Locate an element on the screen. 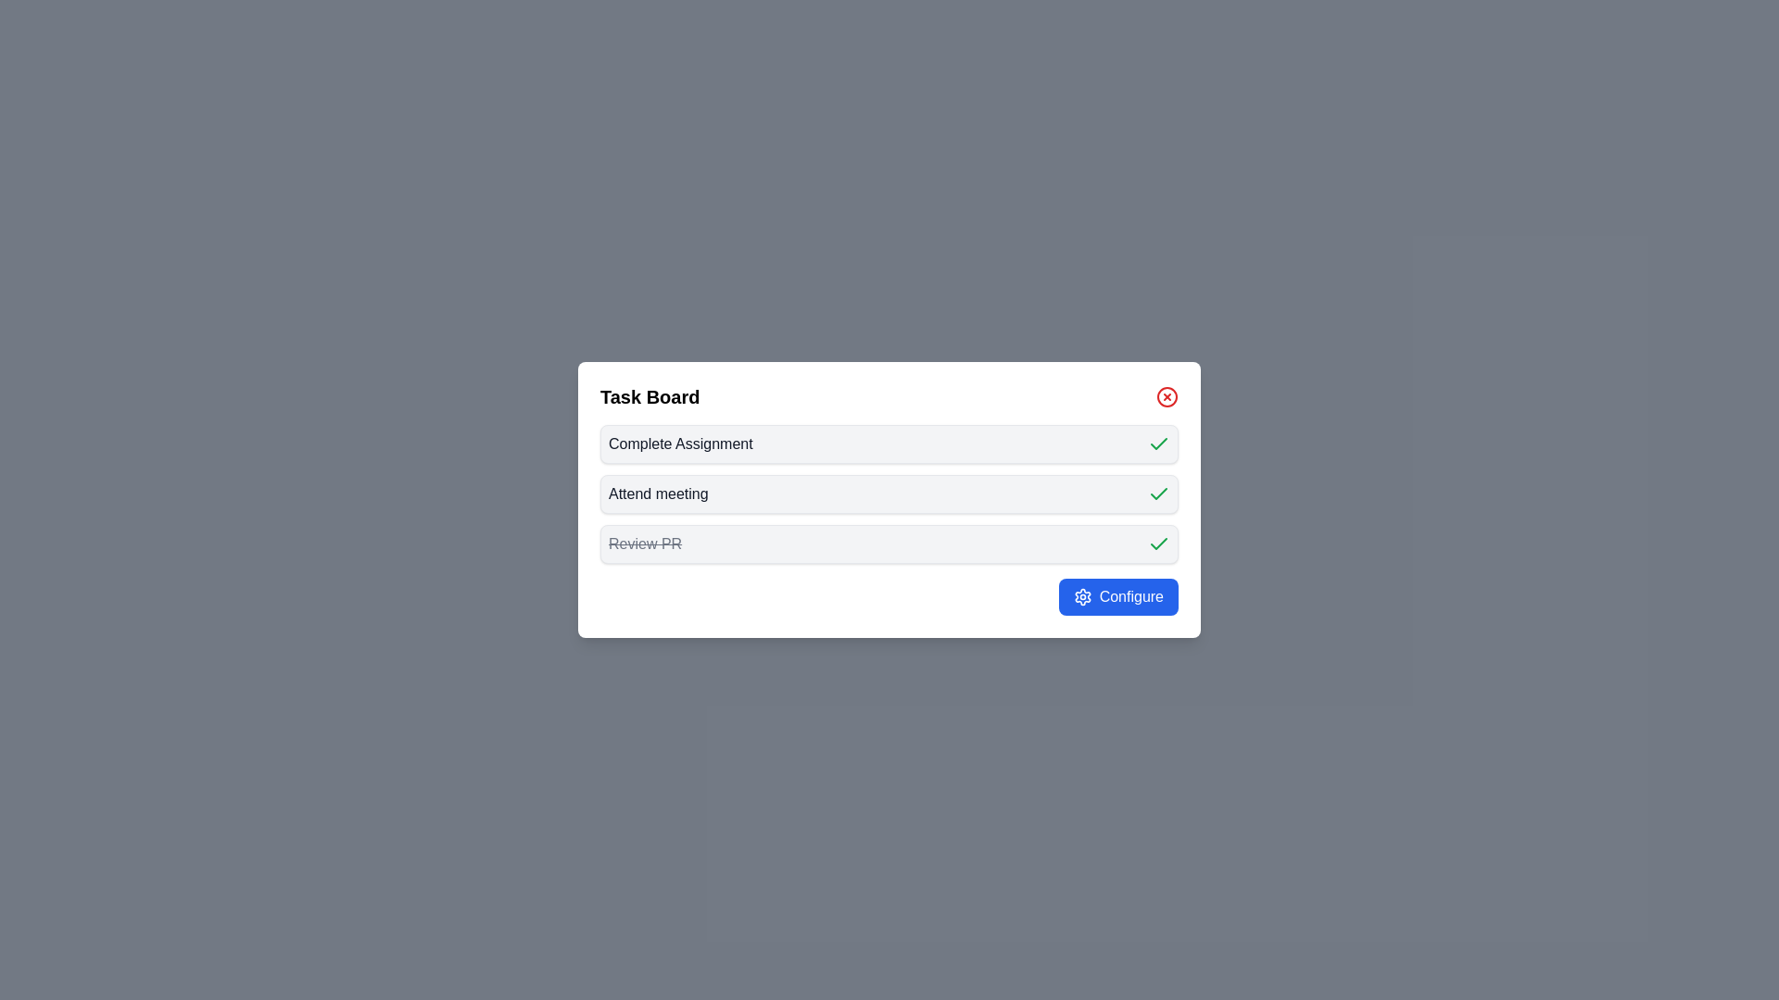  close button at the top-right corner of the Task Board dialog is located at coordinates (1166, 395).